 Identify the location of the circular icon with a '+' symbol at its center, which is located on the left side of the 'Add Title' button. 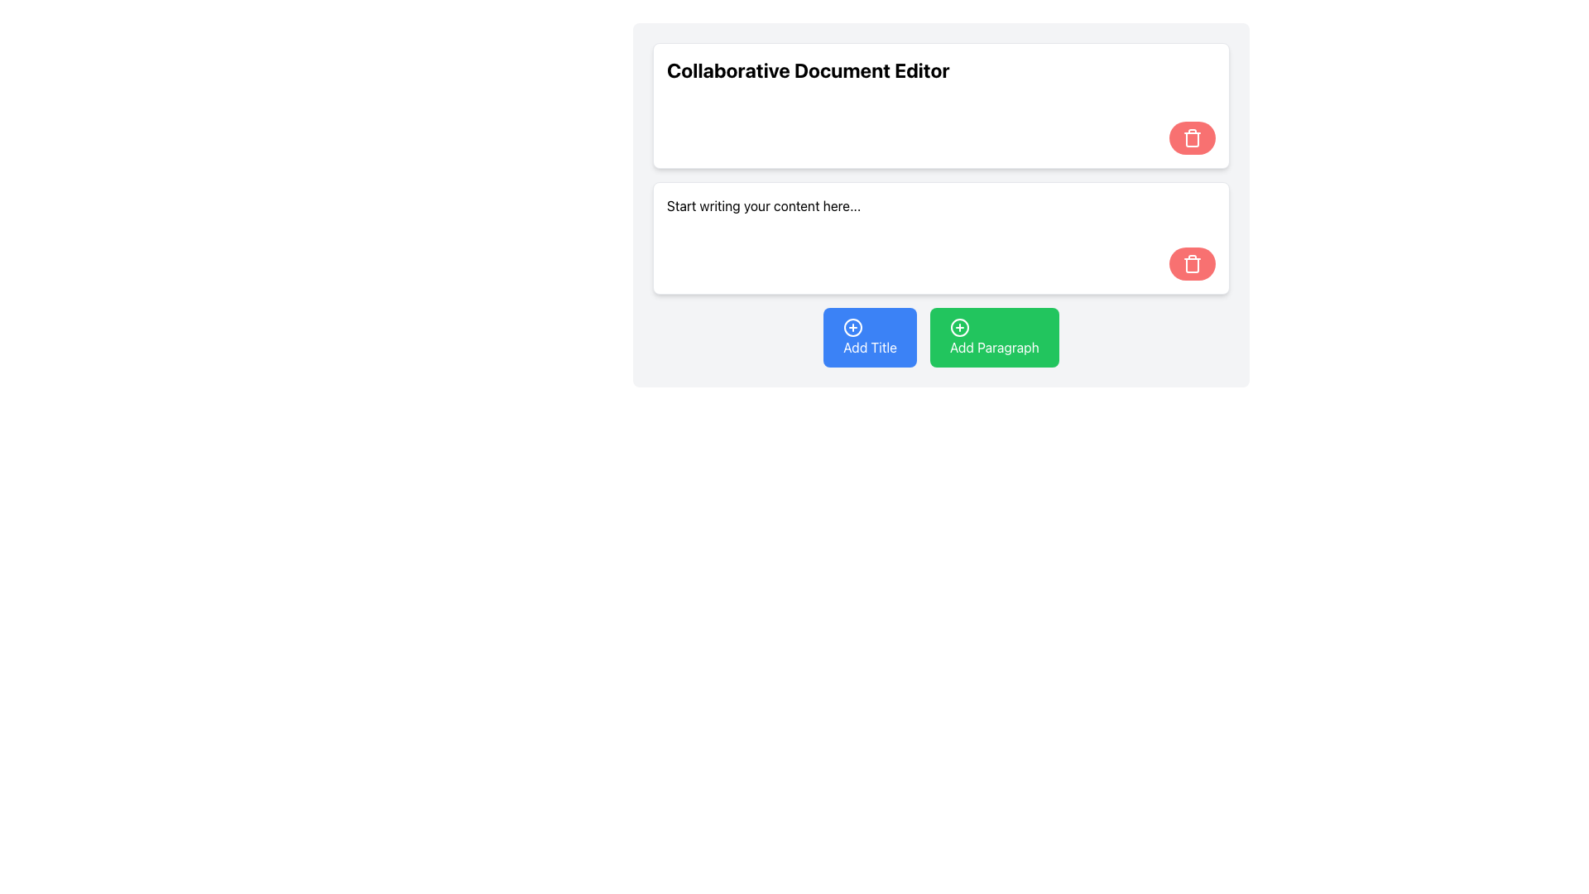
(853, 328).